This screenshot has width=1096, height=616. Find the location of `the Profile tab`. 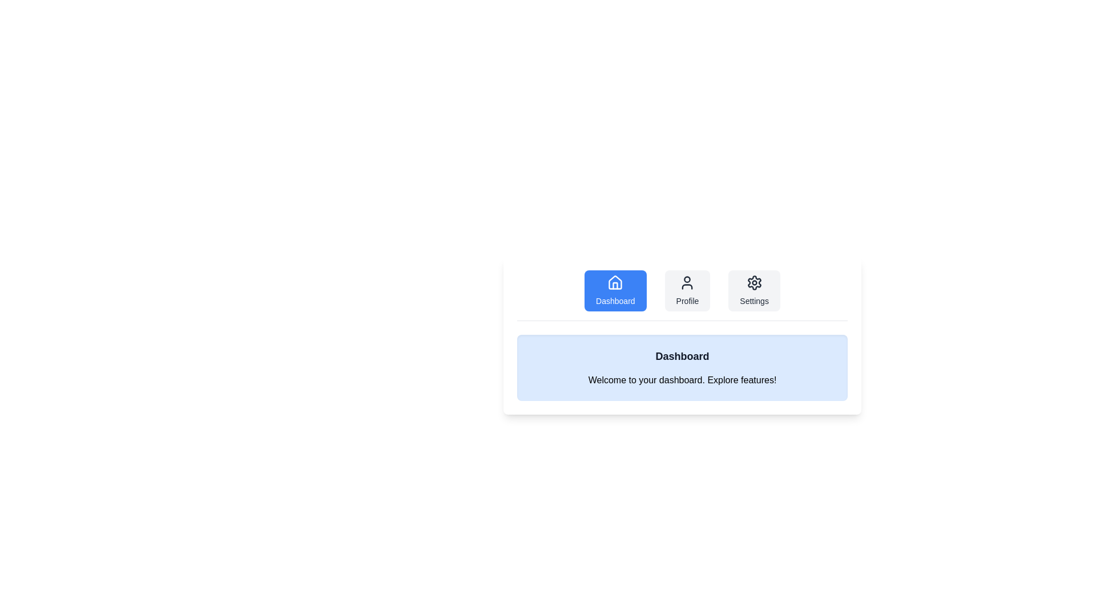

the Profile tab is located at coordinates (687, 290).